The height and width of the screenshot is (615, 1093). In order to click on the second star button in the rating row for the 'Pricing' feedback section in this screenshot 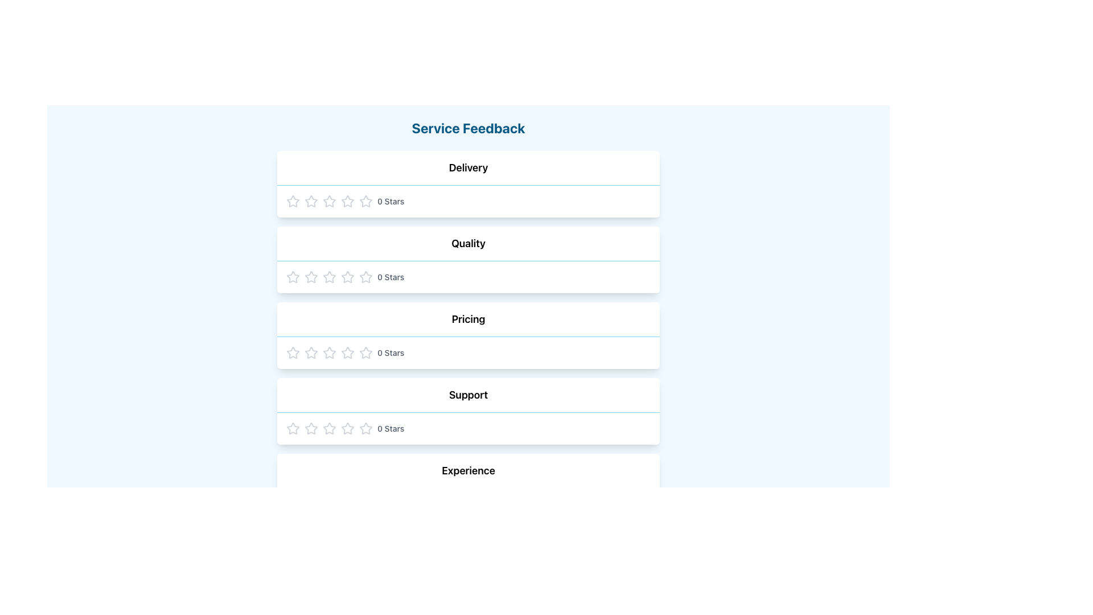, I will do `click(366, 352)`.